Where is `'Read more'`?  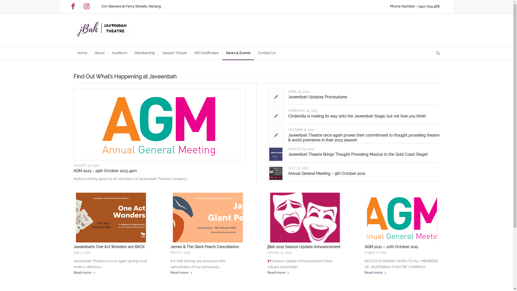
'Read more' is located at coordinates (85, 272).